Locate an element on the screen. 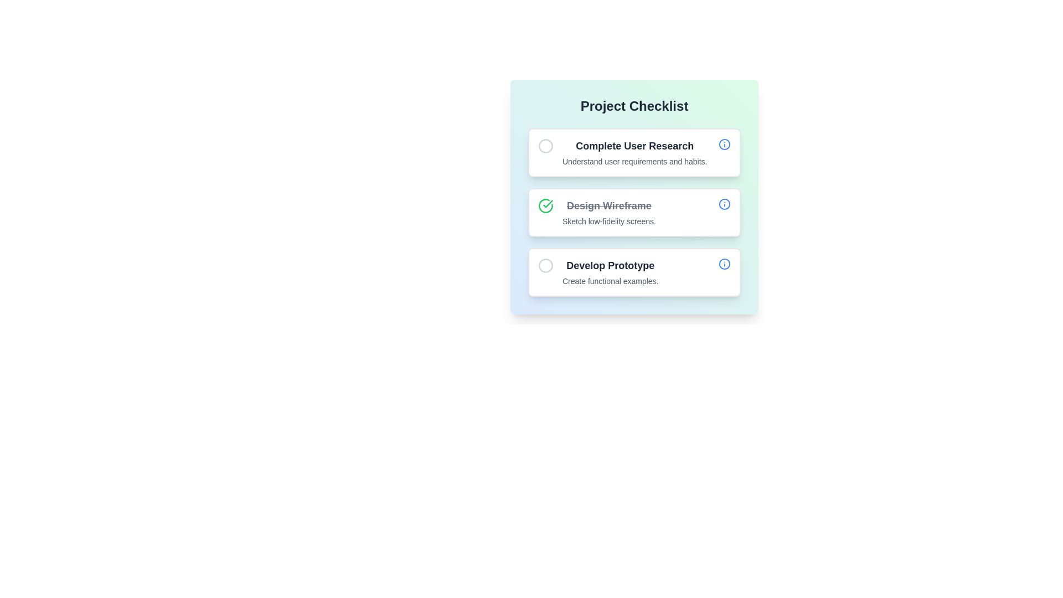 The height and width of the screenshot is (598, 1063). text content of the gray-colored text label that says 'Understand user requirements and habits.' positioned below the bold header 'Complete User Research' in the first white card of the checklist interface is located at coordinates (634, 162).